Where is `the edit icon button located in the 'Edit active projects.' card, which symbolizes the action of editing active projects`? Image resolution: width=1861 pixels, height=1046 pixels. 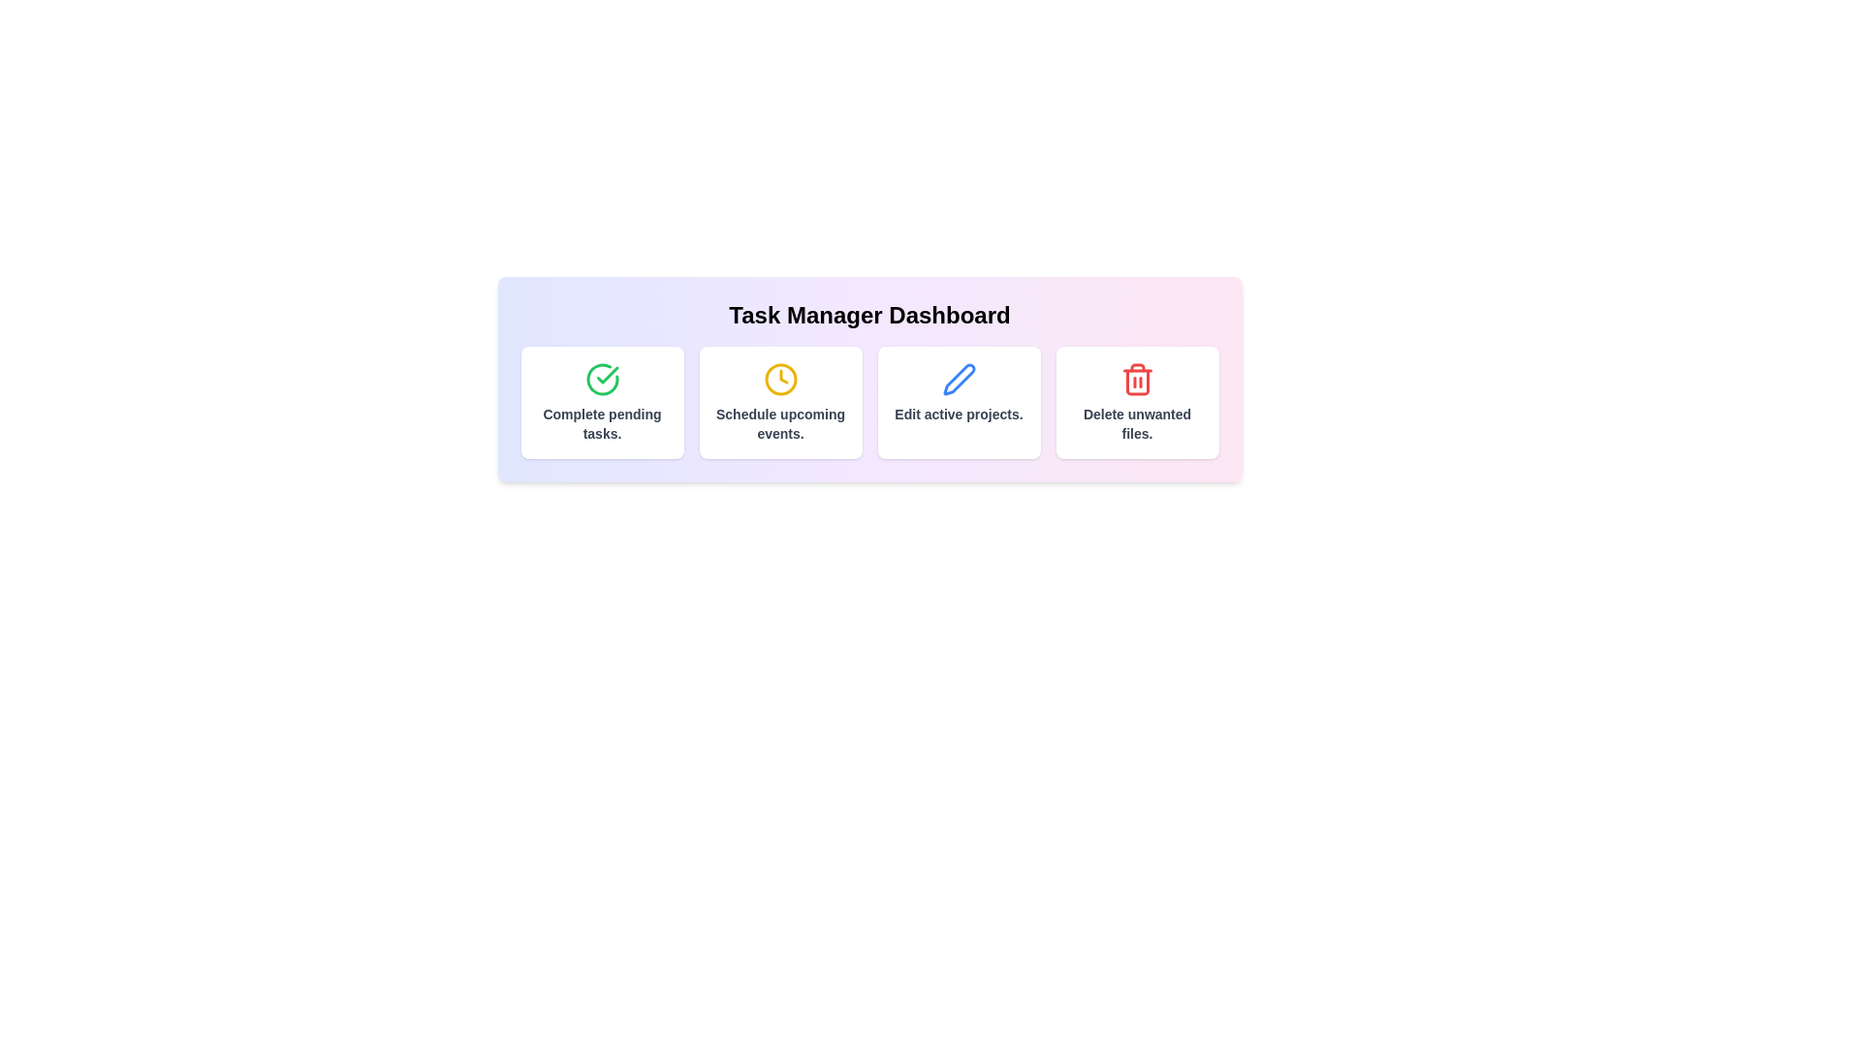 the edit icon button located in the 'Edit active projects.' card, which symbolizes the action of editing active projects is located at coordinates (959, 380).